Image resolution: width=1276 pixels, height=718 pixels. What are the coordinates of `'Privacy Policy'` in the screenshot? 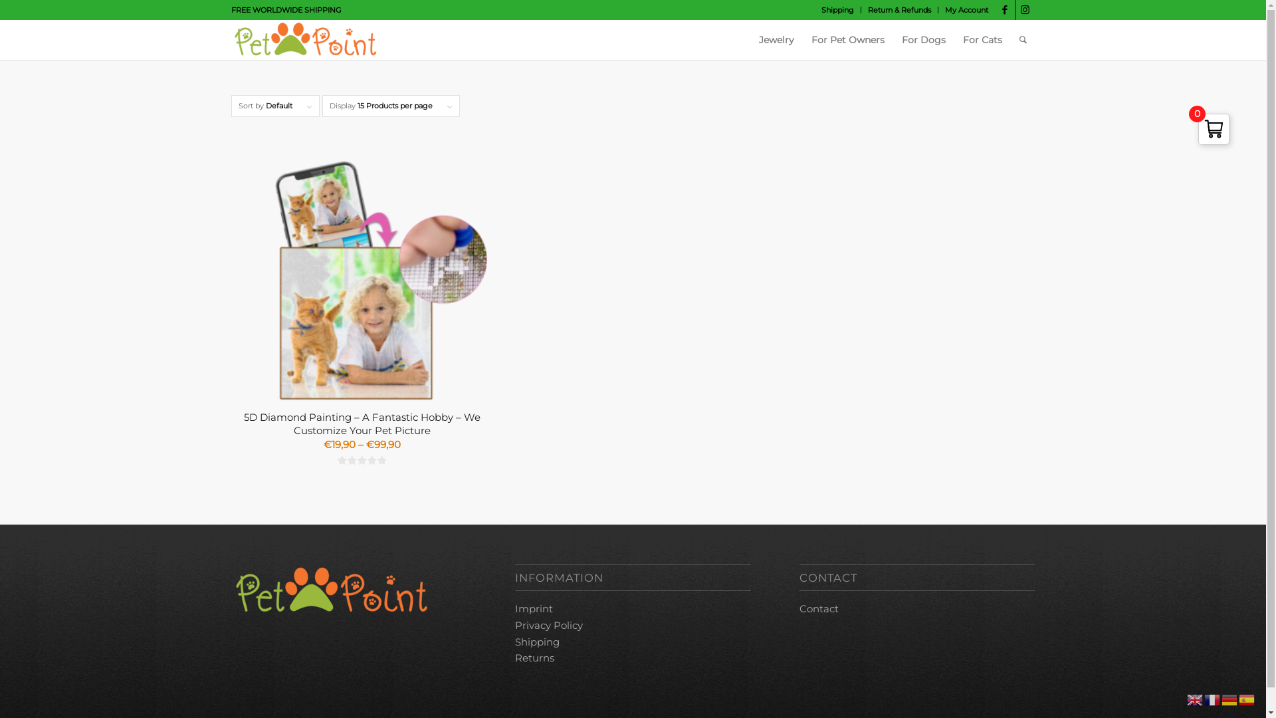 It's located at (548, 625).